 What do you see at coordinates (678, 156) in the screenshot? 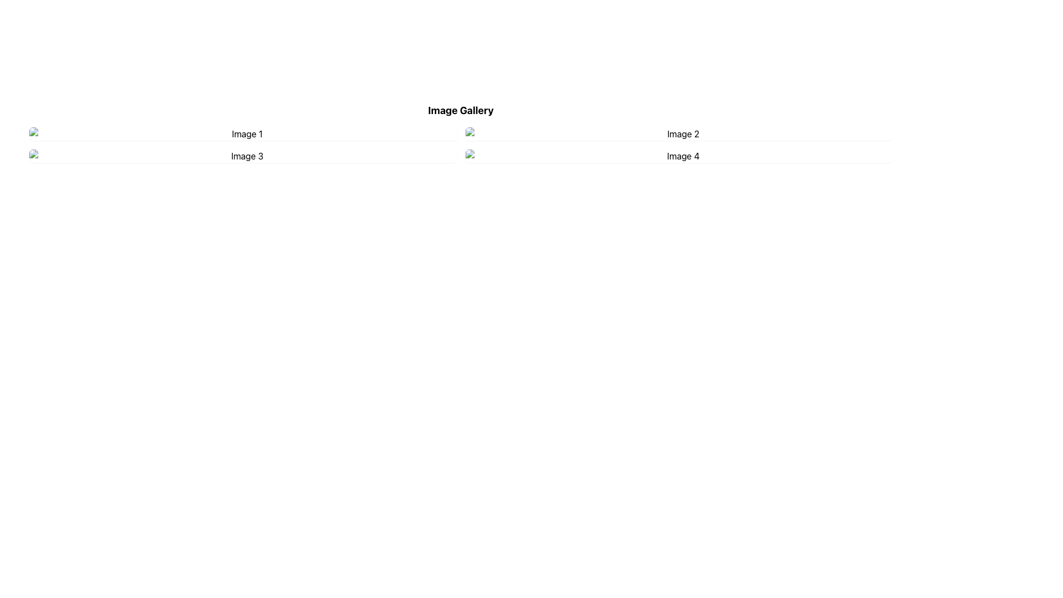
I see `the image with caption 'Image 4', which is the fourth item in the two-column grid structure located in the bottom-right corner of the grid` at bounding box center [678, 156].